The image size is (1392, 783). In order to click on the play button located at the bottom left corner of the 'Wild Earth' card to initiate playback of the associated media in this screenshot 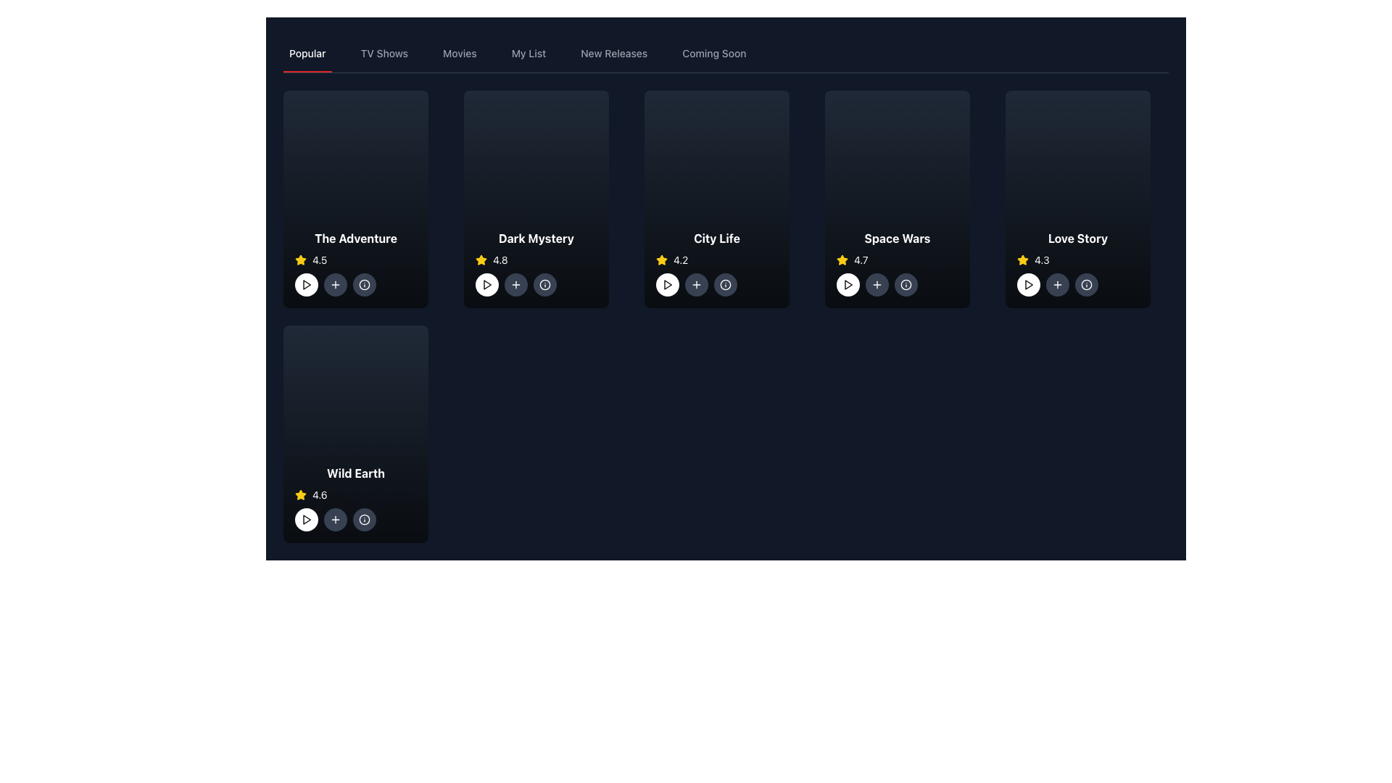, I will do `click(306, 519)`.